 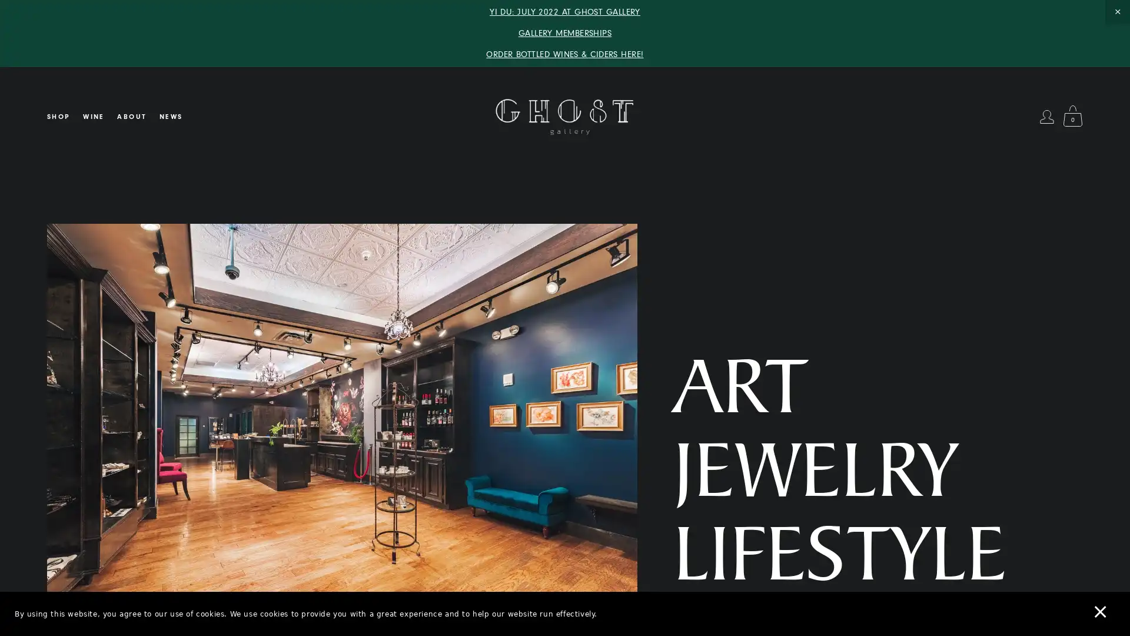 What do you see at coordinates (996, 502) in the screenshot?
I see `SUBSCRIBE` at bounding box center [996, 502].